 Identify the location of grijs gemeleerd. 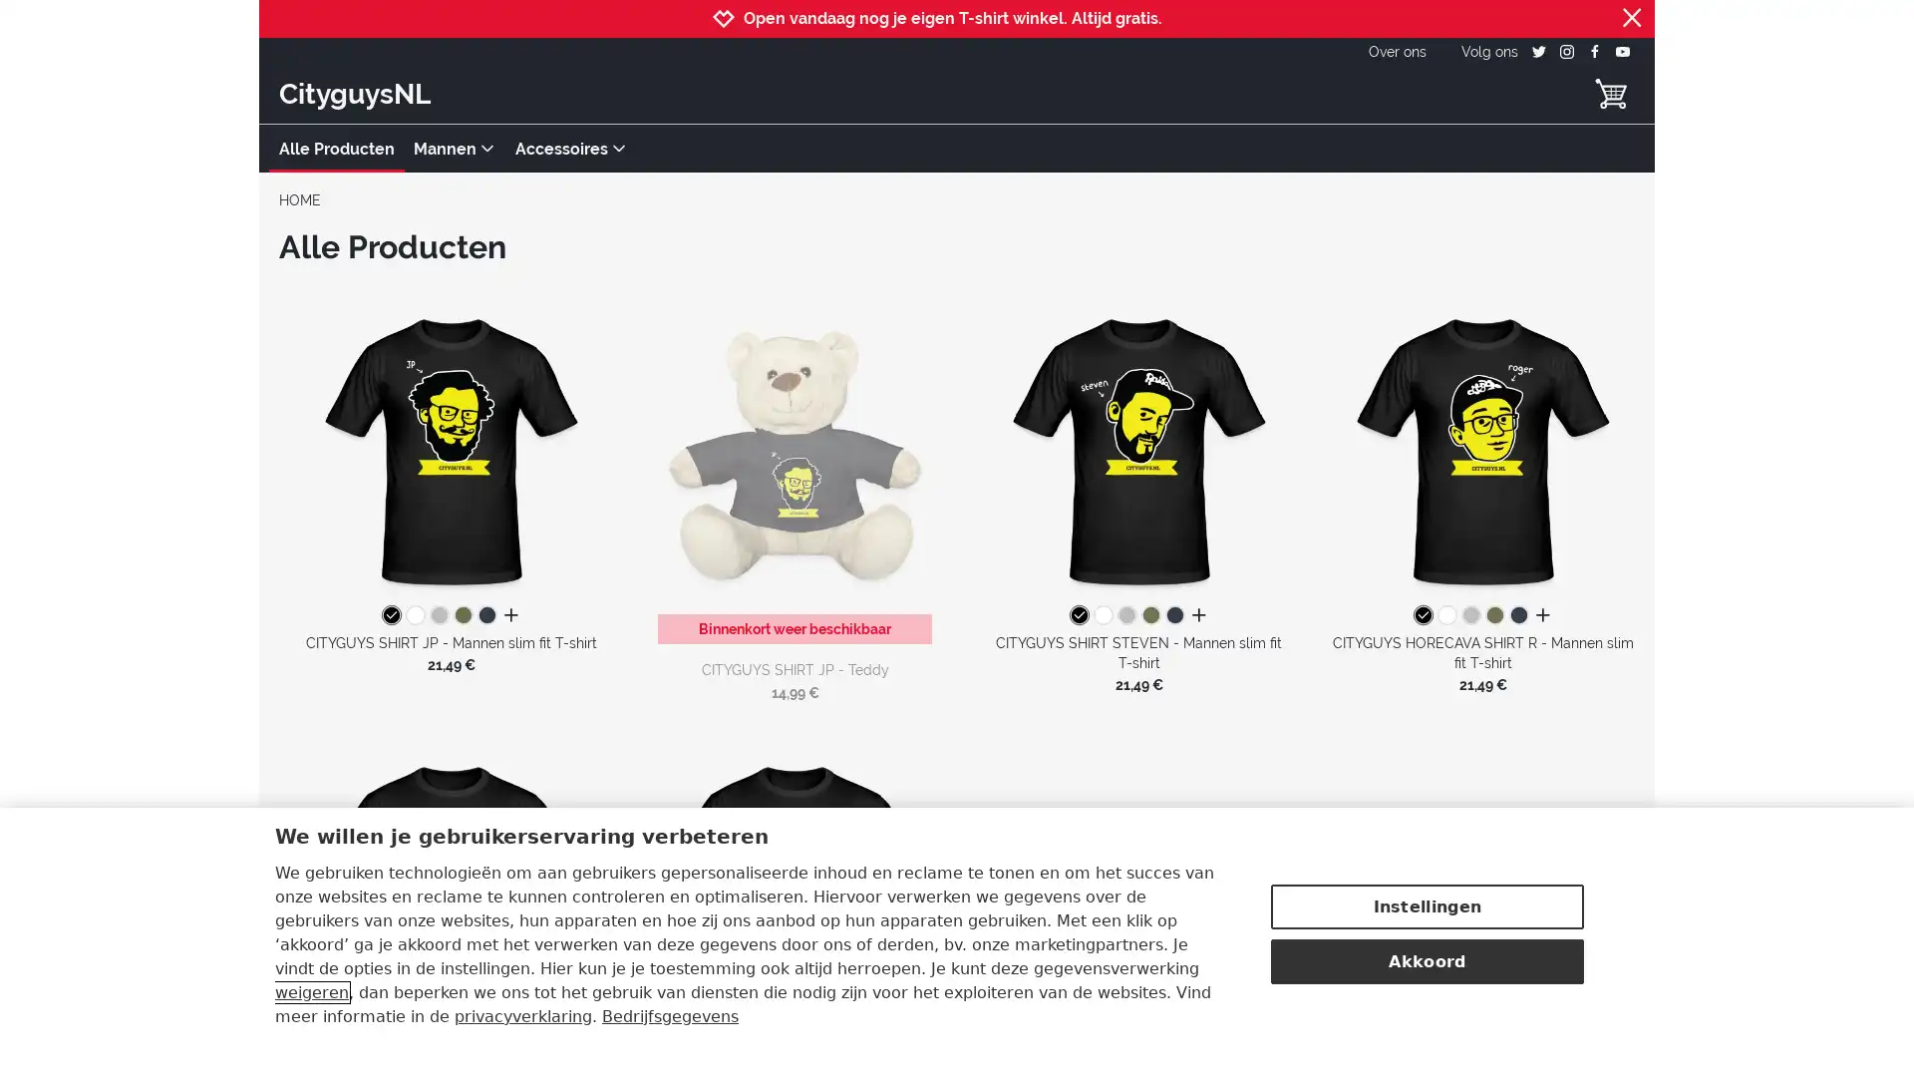
(1469, 615).